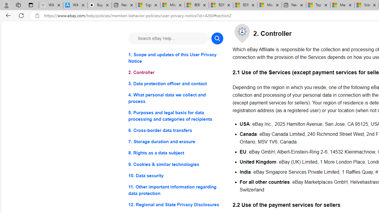 Image resolution: width=379 pixels, height=213 pixels. What do you see at coordinates (99, 5) in the screenshot?
I see `'Buy iPad - Apple'` at bounding box center [99, 5].